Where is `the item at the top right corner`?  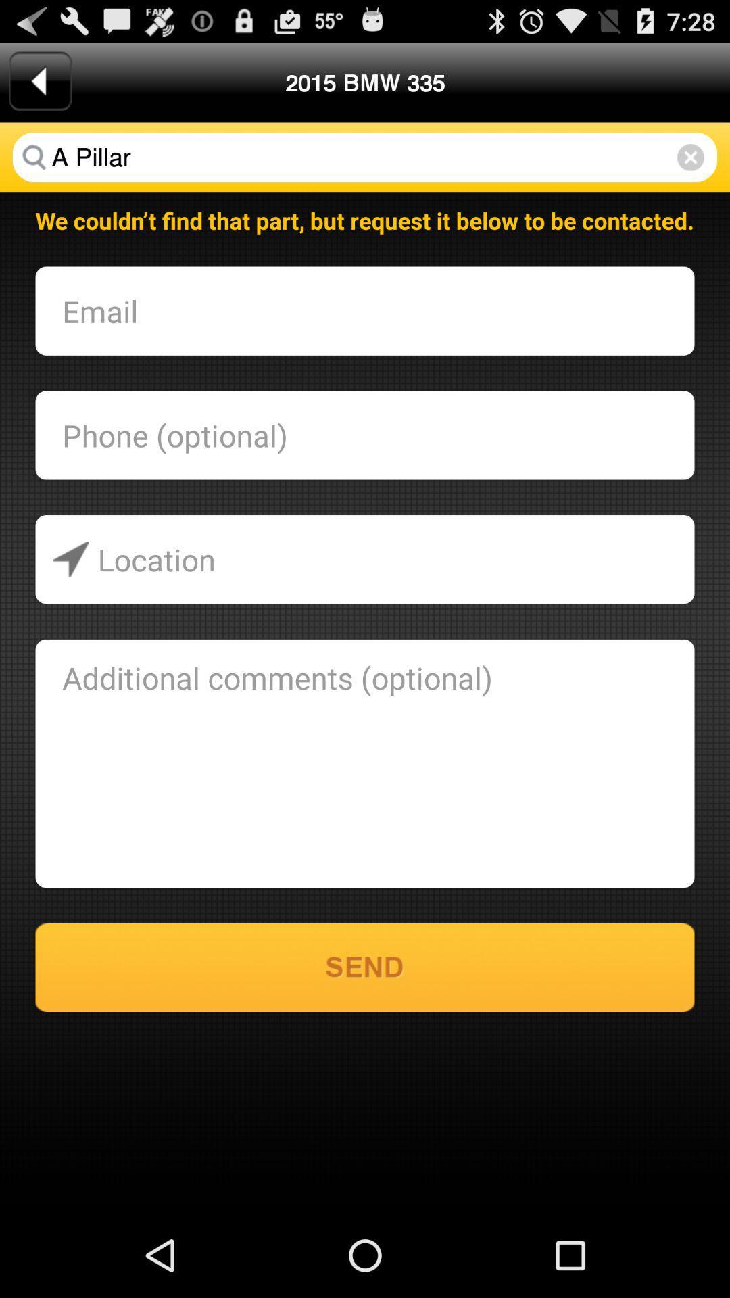
the item at the top right corner is located at coordinates (690, 157).